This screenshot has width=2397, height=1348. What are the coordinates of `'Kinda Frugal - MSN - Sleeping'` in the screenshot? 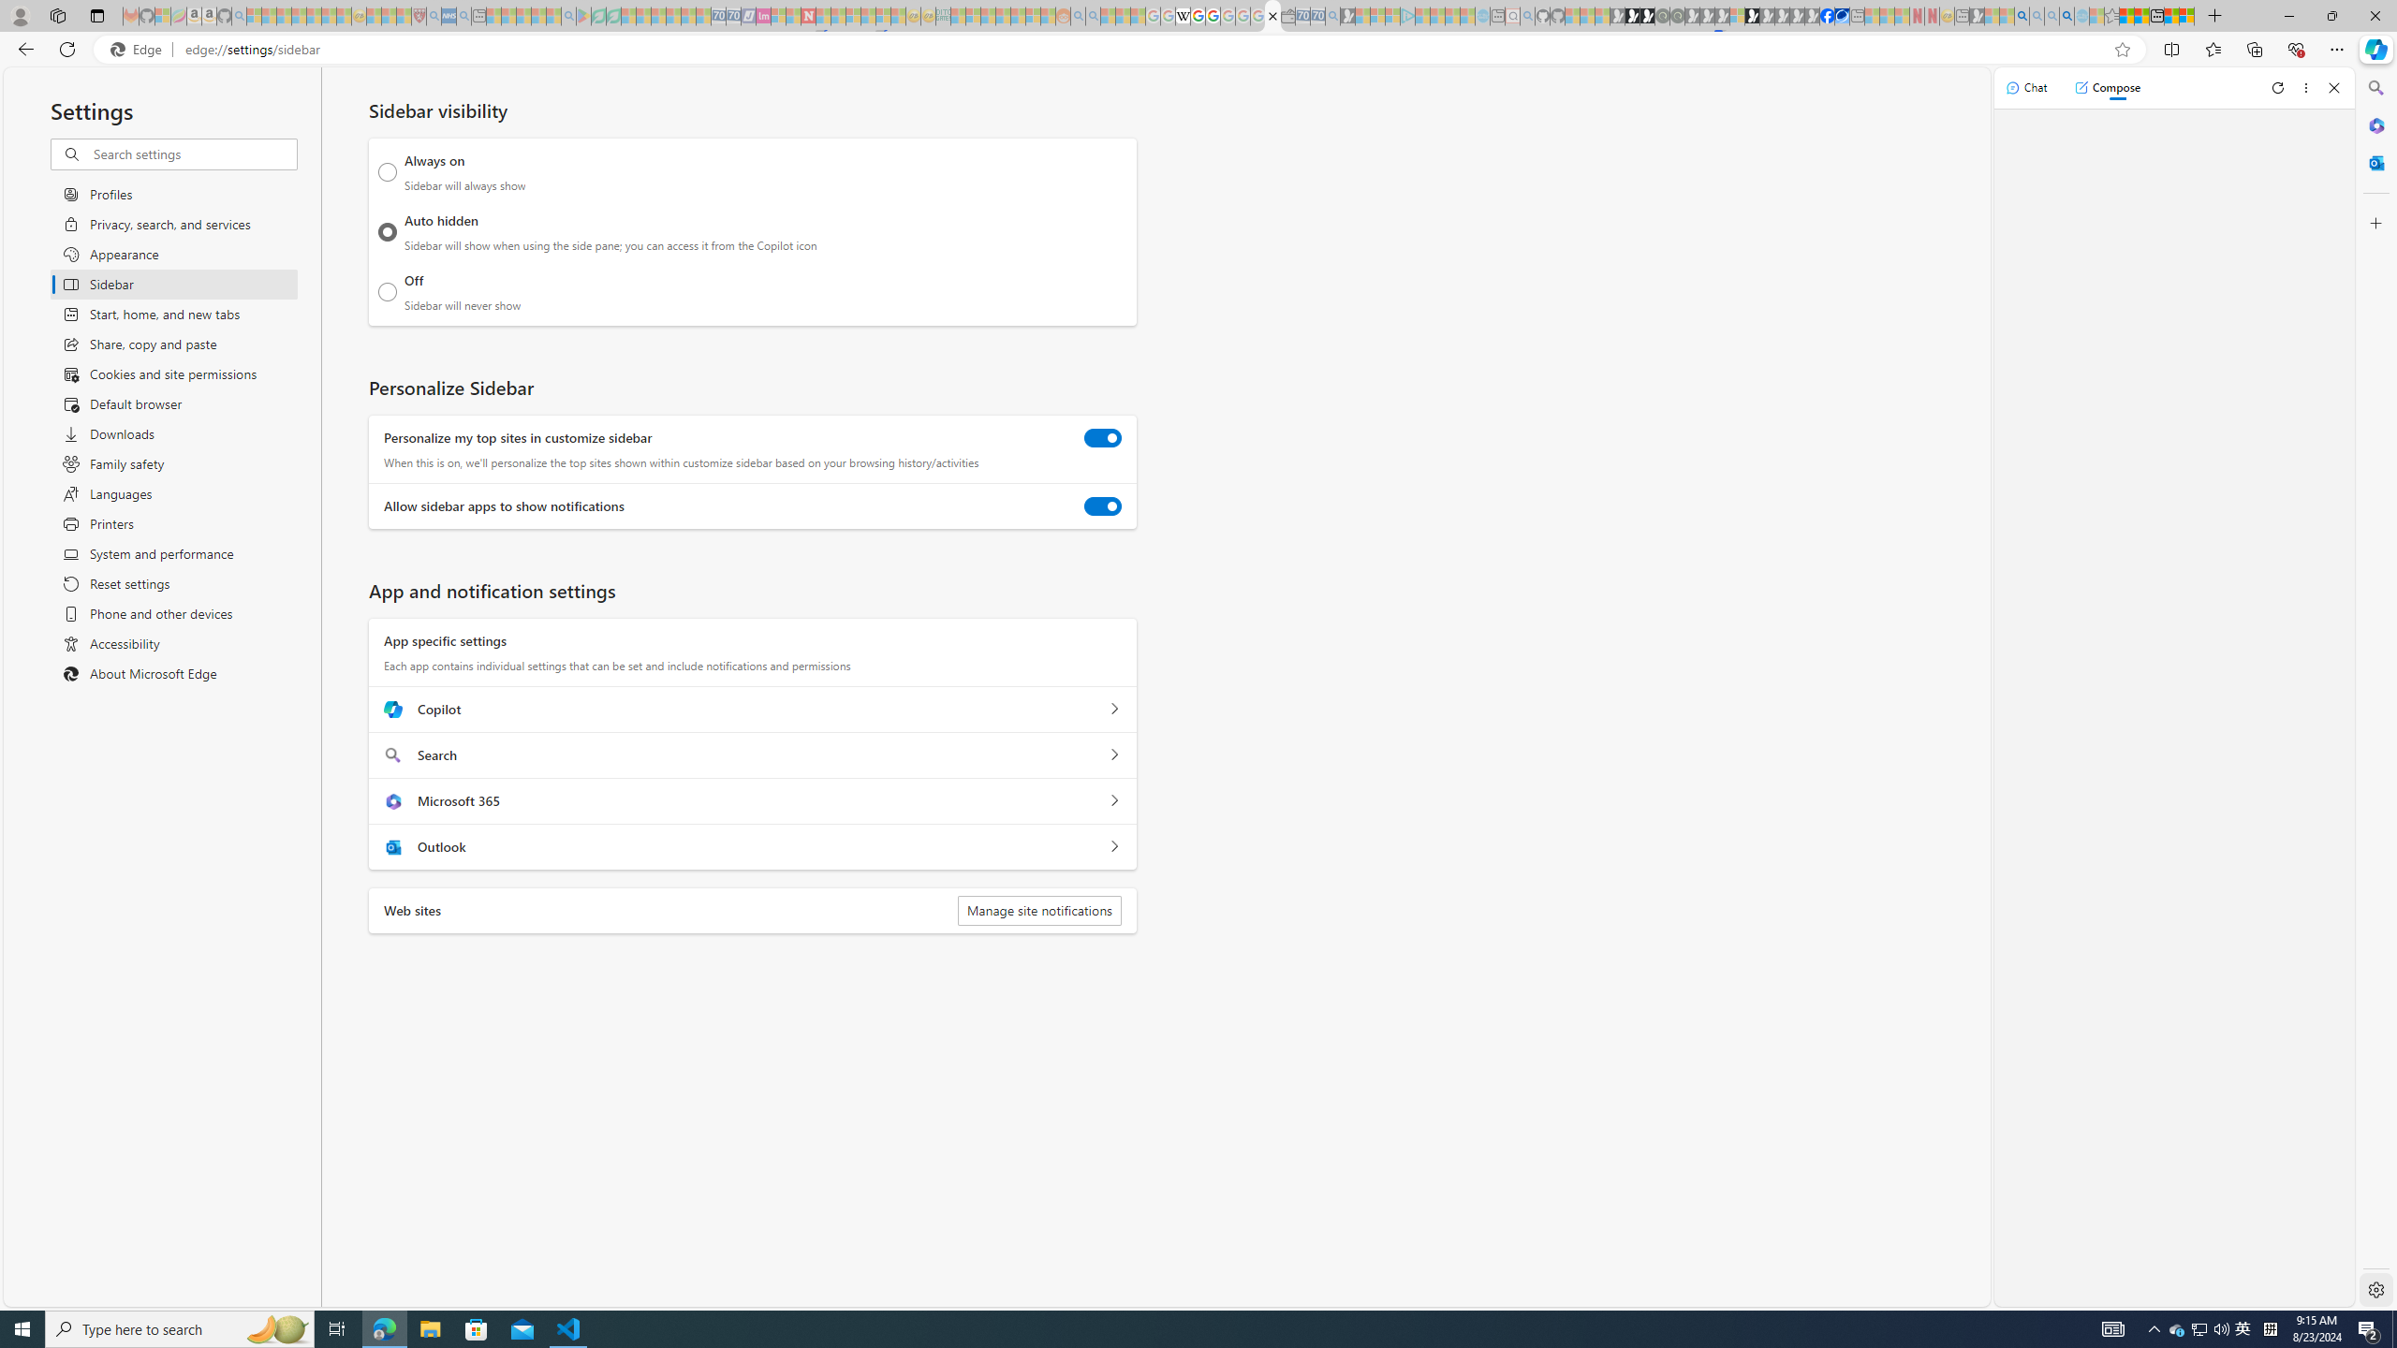 It's located at (1016, 15).